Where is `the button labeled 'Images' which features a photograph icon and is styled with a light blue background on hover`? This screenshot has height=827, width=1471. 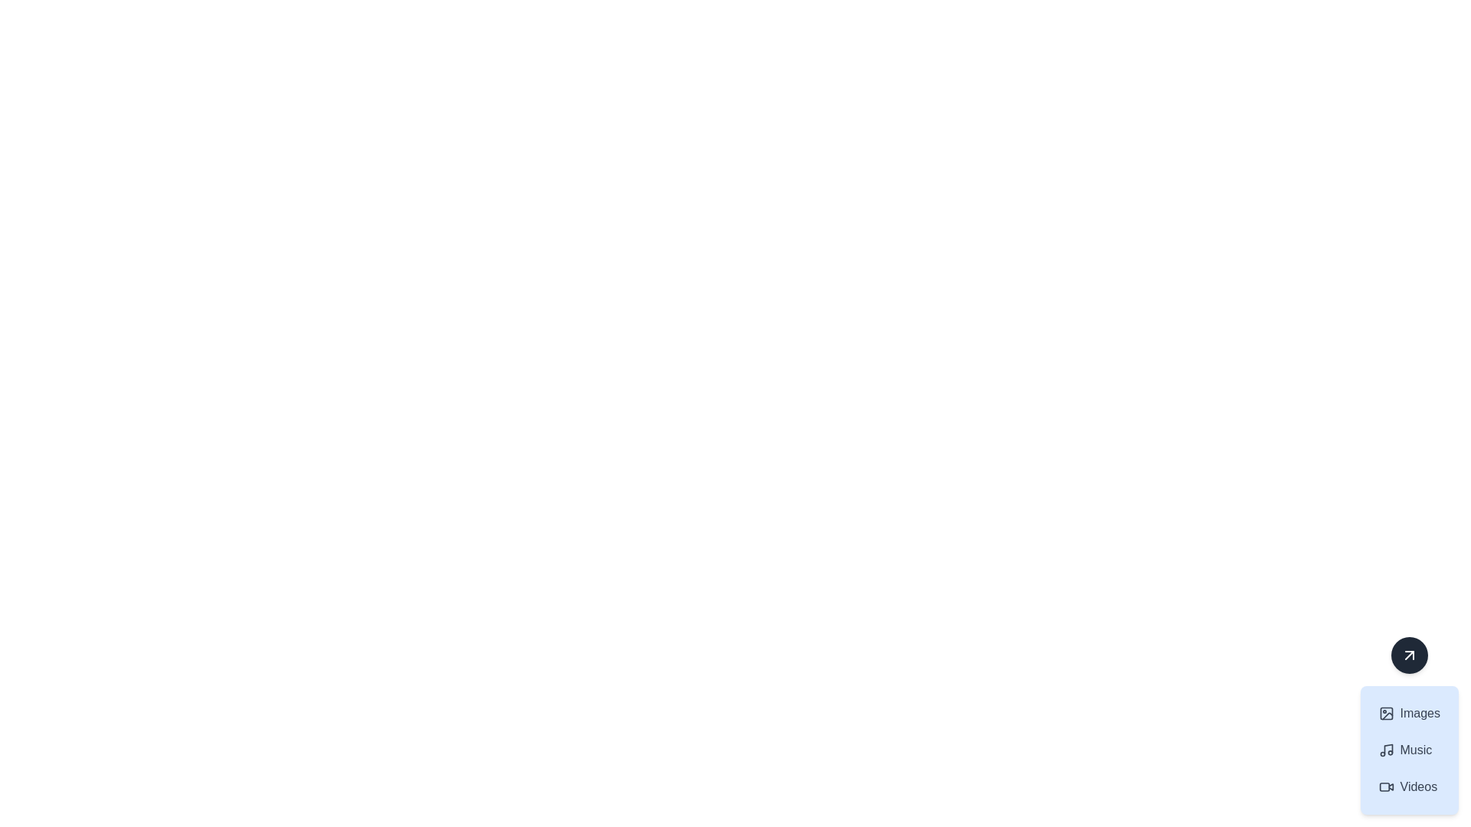
the button labeled 'Images' which features a photograph icon and is styled with a light blue background on hover is located at coordinates (1409, 714).